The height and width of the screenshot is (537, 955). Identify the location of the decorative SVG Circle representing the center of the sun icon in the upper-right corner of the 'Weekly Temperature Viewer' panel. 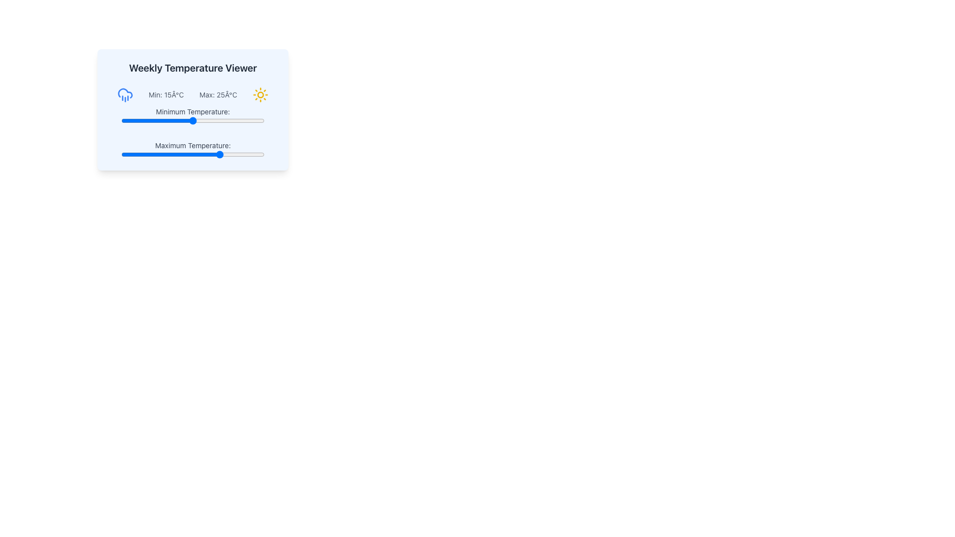
(261, 95).